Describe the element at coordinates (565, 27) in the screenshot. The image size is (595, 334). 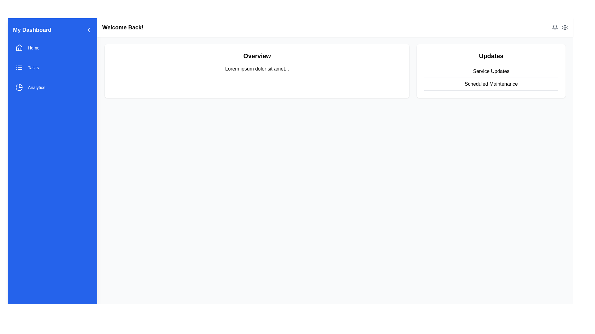
I see `the settings icon located in the top-right corner of the interface, adjacent to the bell icon` at that location.